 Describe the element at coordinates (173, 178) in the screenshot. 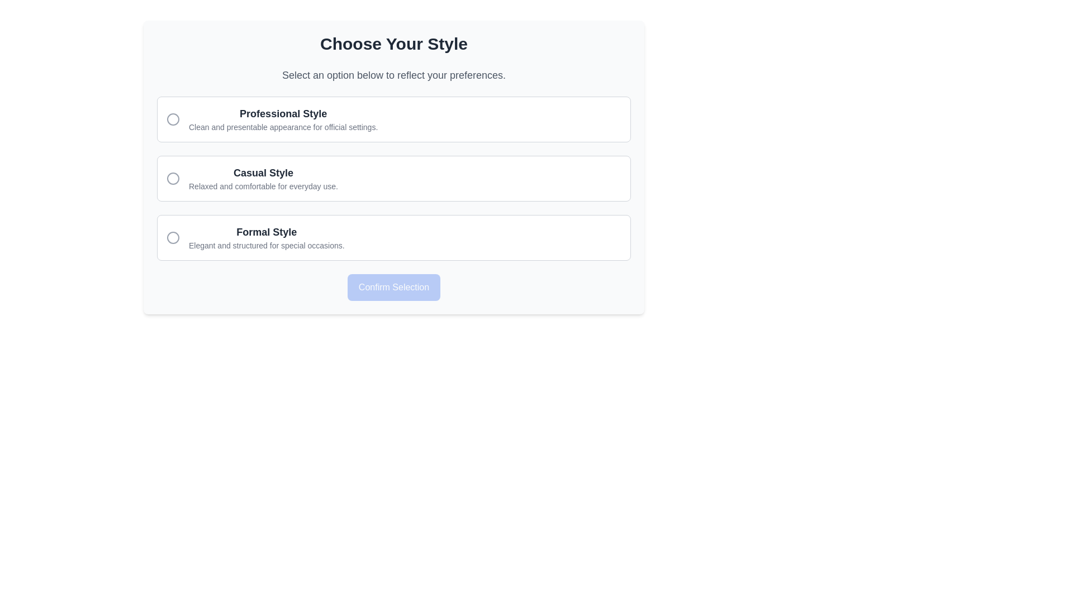

I see `SVG Circle representing the selection state of the 'Casual Style' option using developer tools` at that location.